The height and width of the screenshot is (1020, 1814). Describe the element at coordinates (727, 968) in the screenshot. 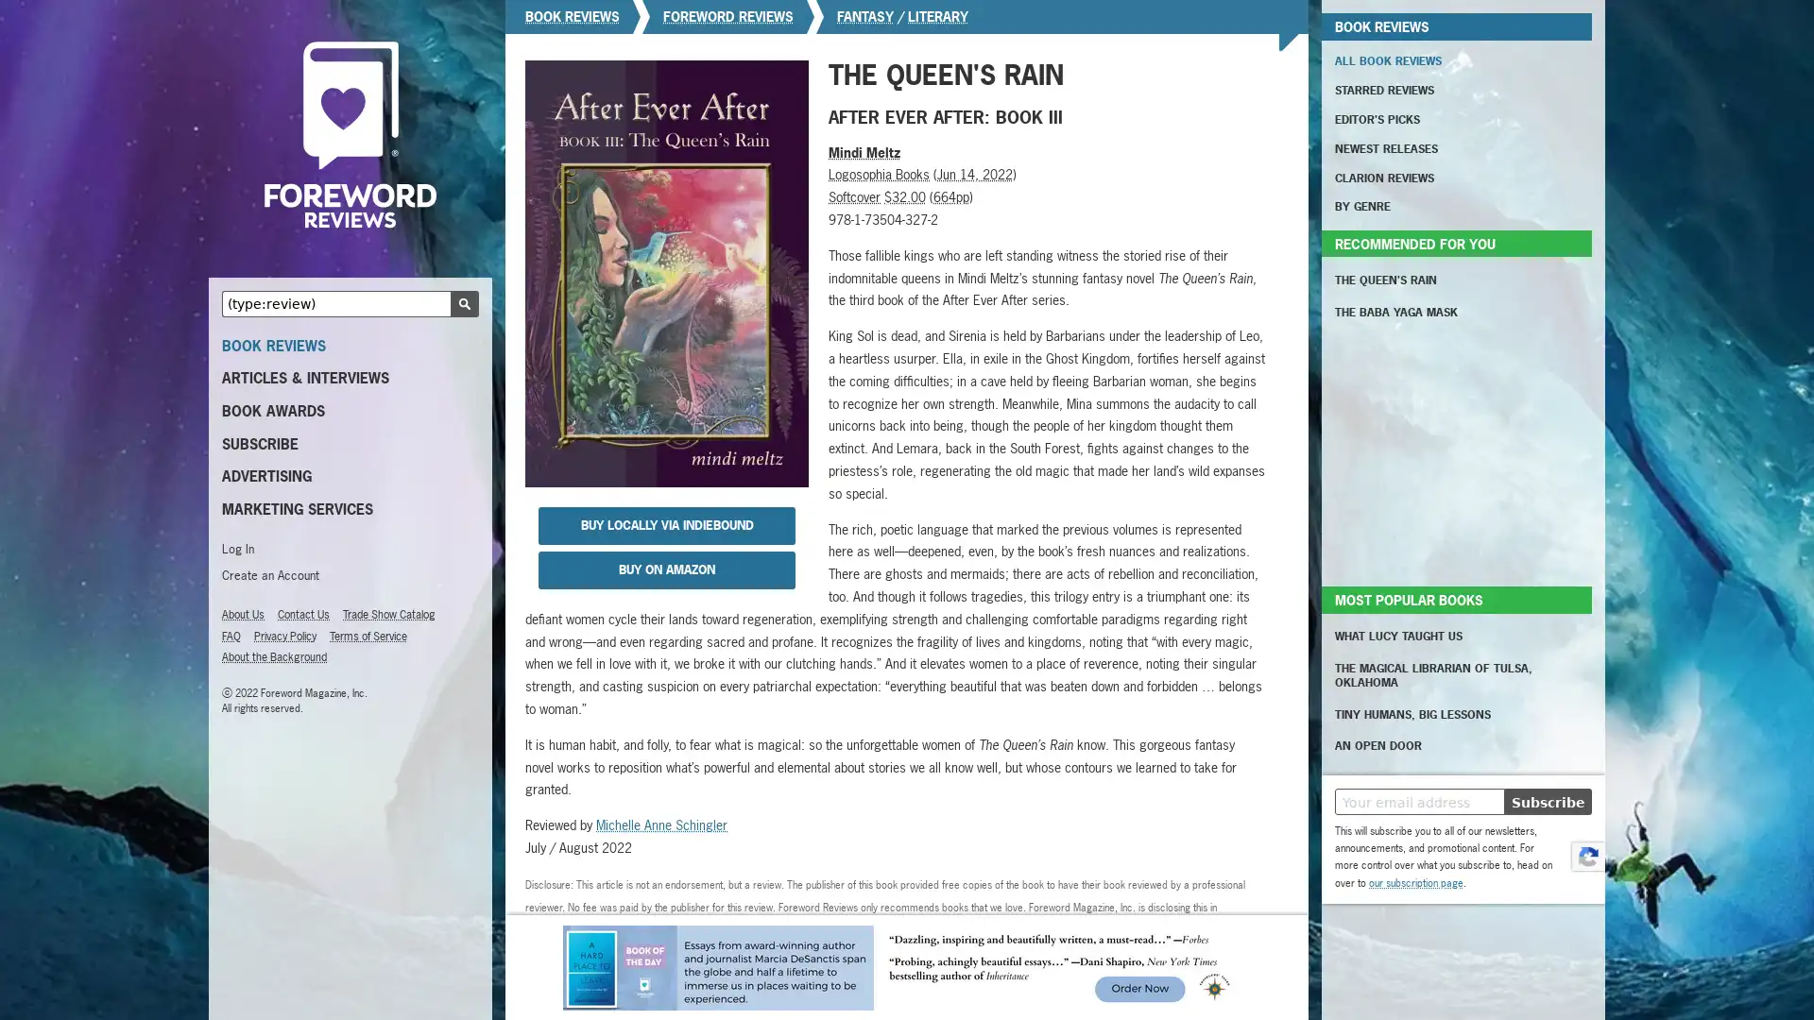

I see `Copy URL` at that location.